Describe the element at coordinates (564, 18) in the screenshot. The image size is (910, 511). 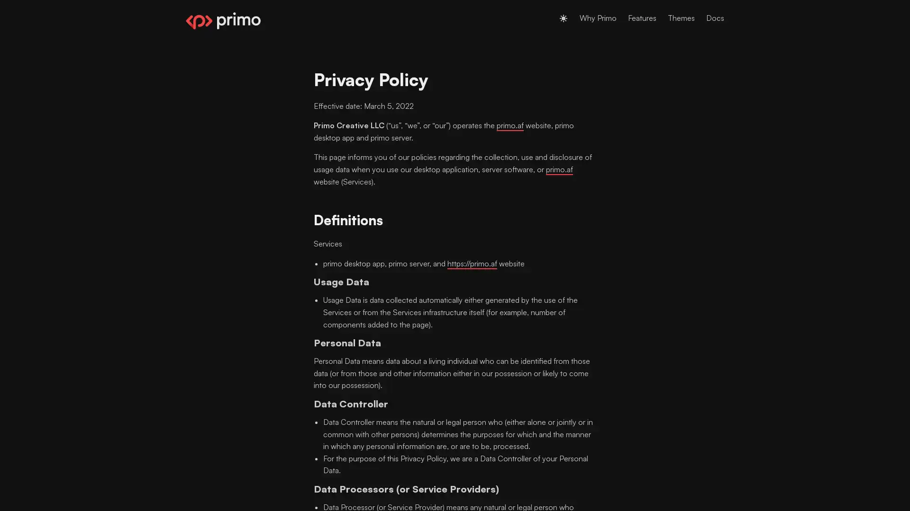
I see `Toggle dark mode` at that location.